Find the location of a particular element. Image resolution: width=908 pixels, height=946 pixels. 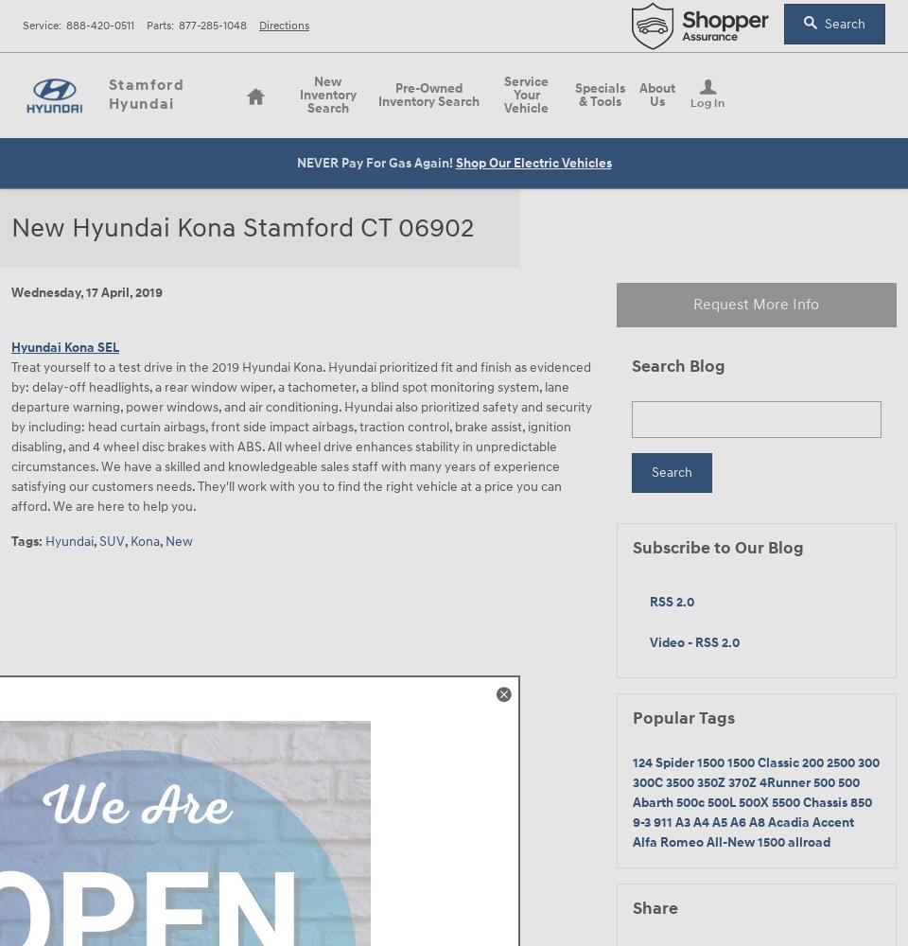

'Request More Info' is located at coordinates (756, 303).